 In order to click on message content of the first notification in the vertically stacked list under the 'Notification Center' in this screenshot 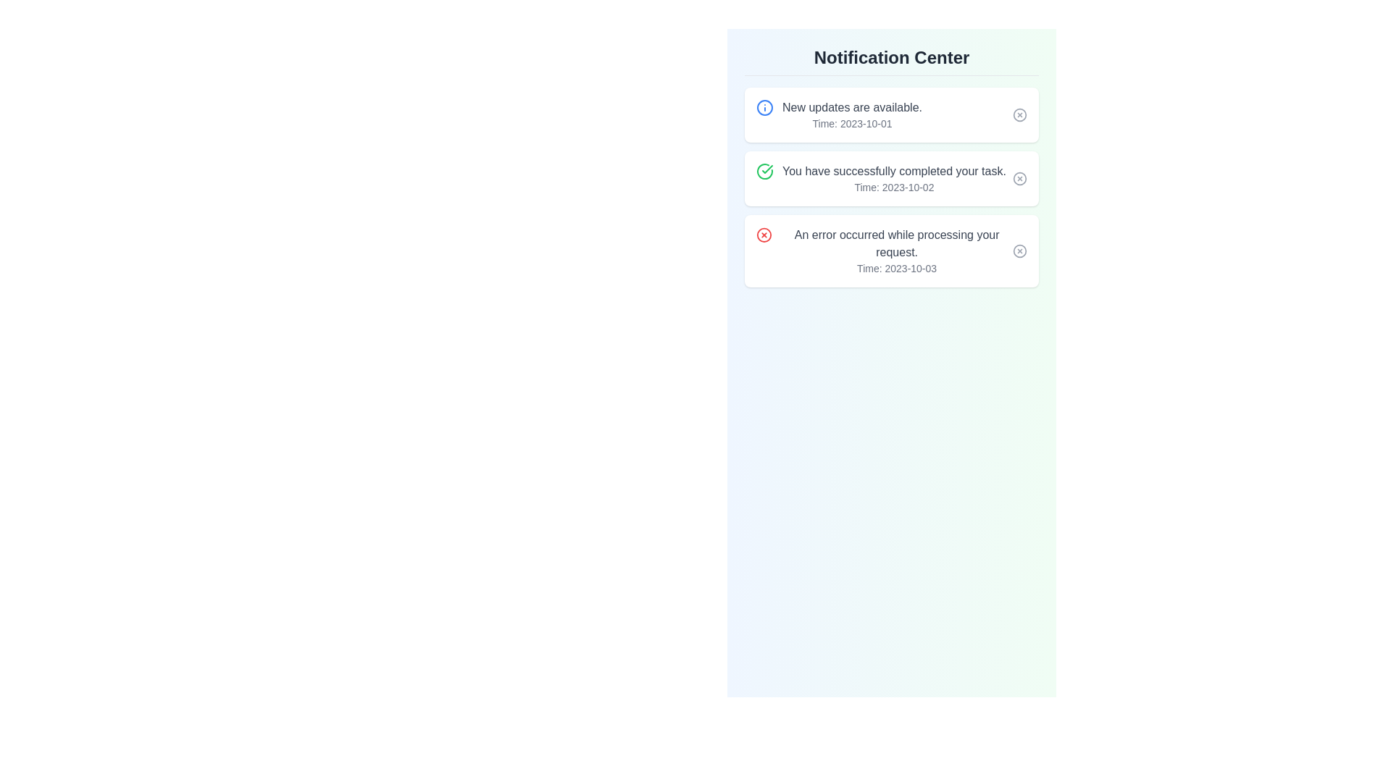, I will do `click(839, 114)`.